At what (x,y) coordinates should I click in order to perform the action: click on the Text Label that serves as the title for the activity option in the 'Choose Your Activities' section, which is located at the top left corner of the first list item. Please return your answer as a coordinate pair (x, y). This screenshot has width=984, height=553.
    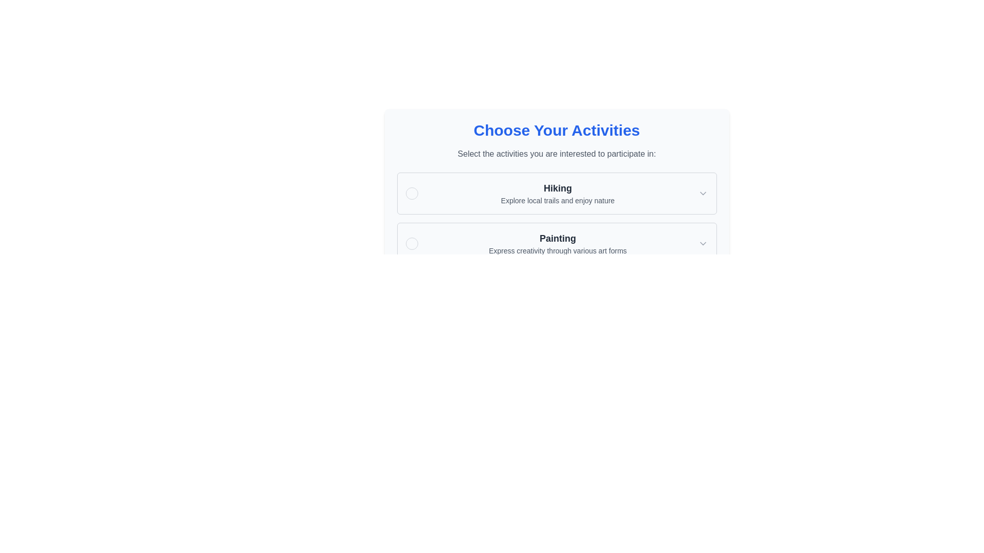
    Looking at the image, I should click on (557, 188).